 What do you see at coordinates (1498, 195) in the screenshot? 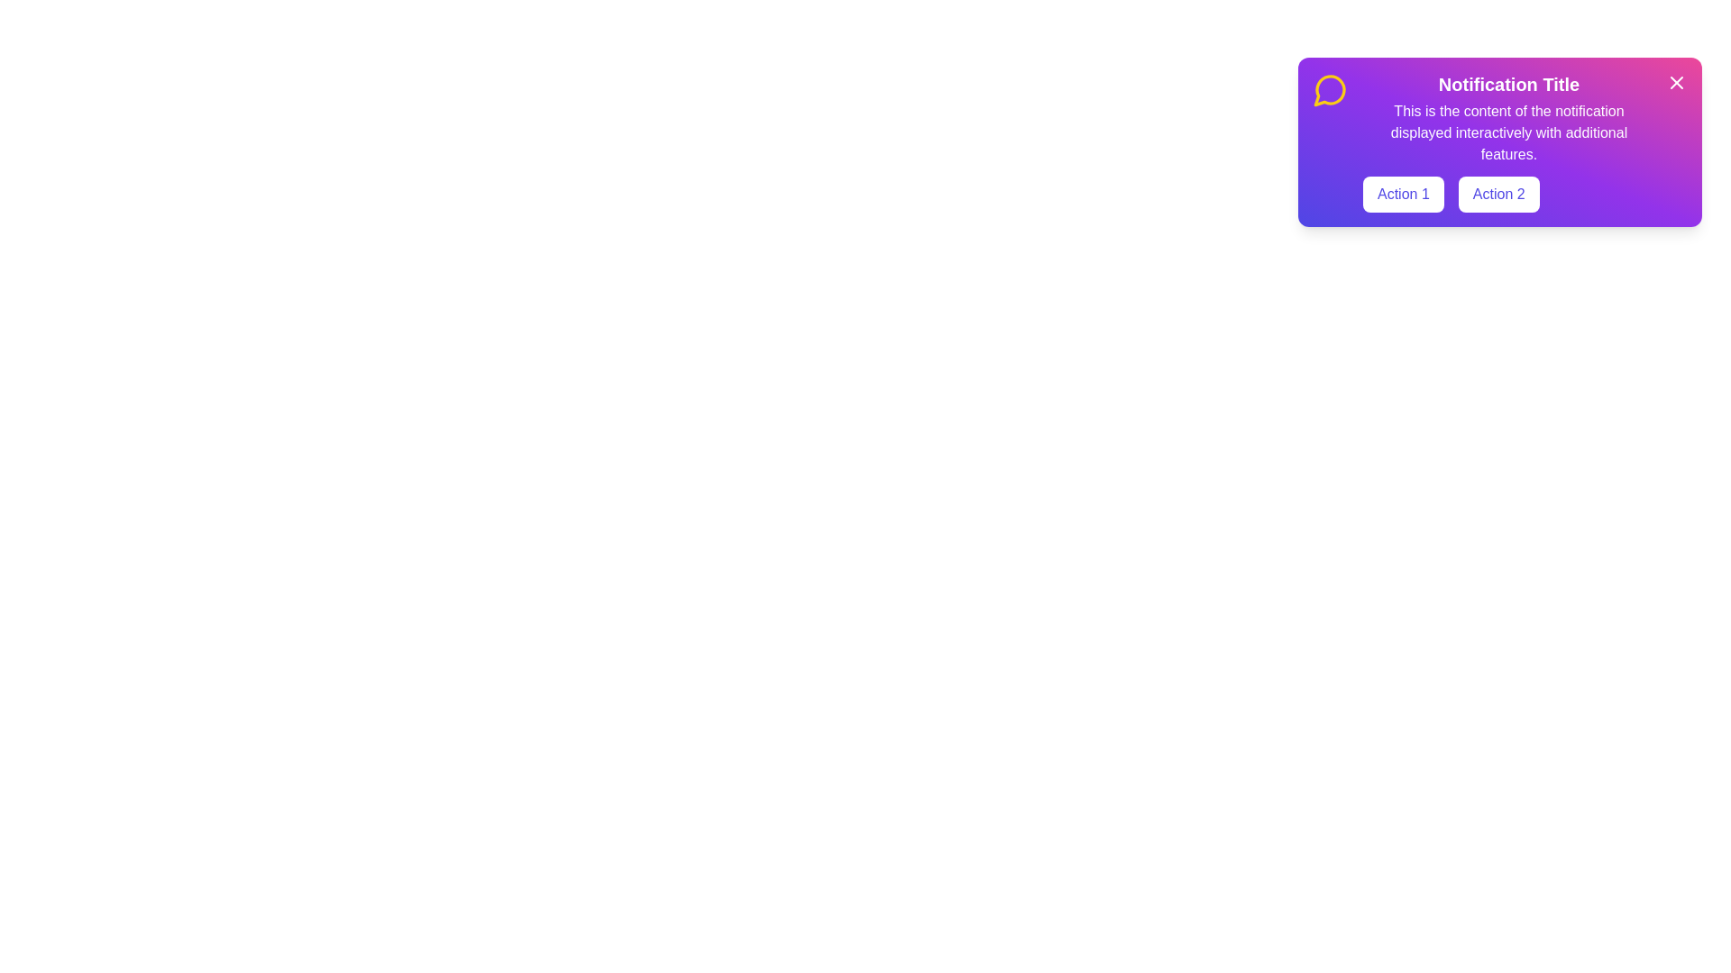
I see `the 'Action 2' button to trigger its associated function` at bounding box center [1498, 195].